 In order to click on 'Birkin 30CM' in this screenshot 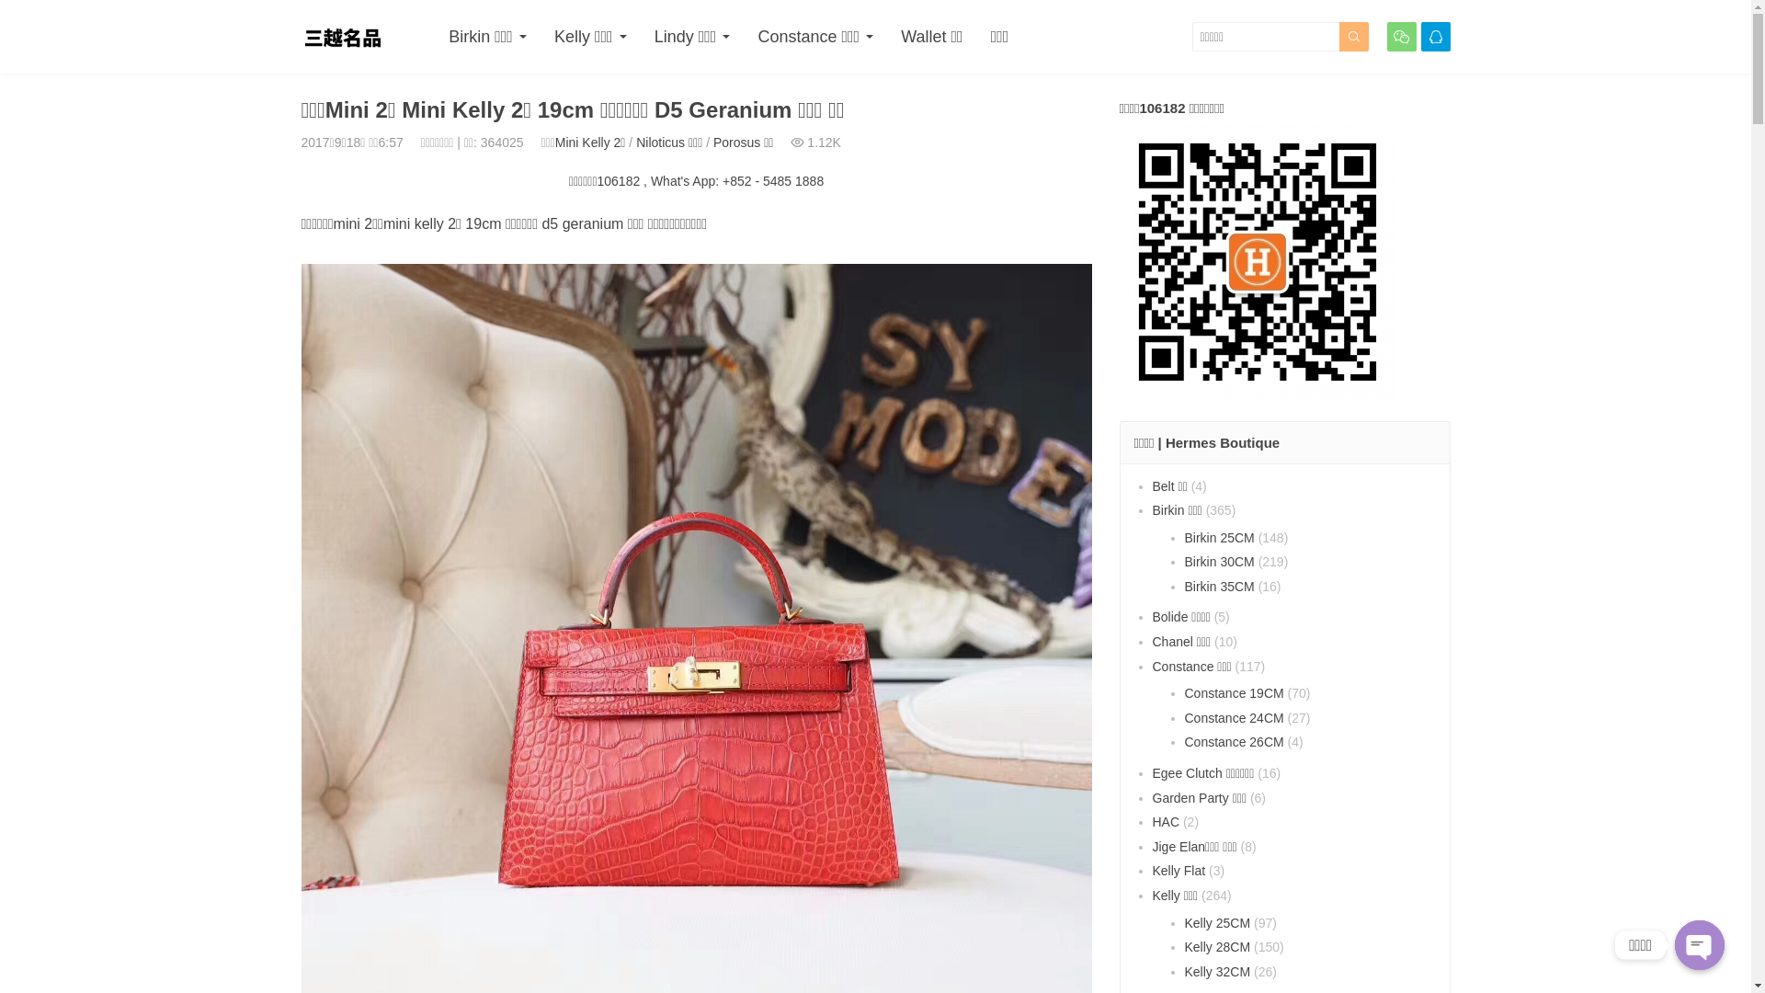, I will do `click(1218, 560)`.